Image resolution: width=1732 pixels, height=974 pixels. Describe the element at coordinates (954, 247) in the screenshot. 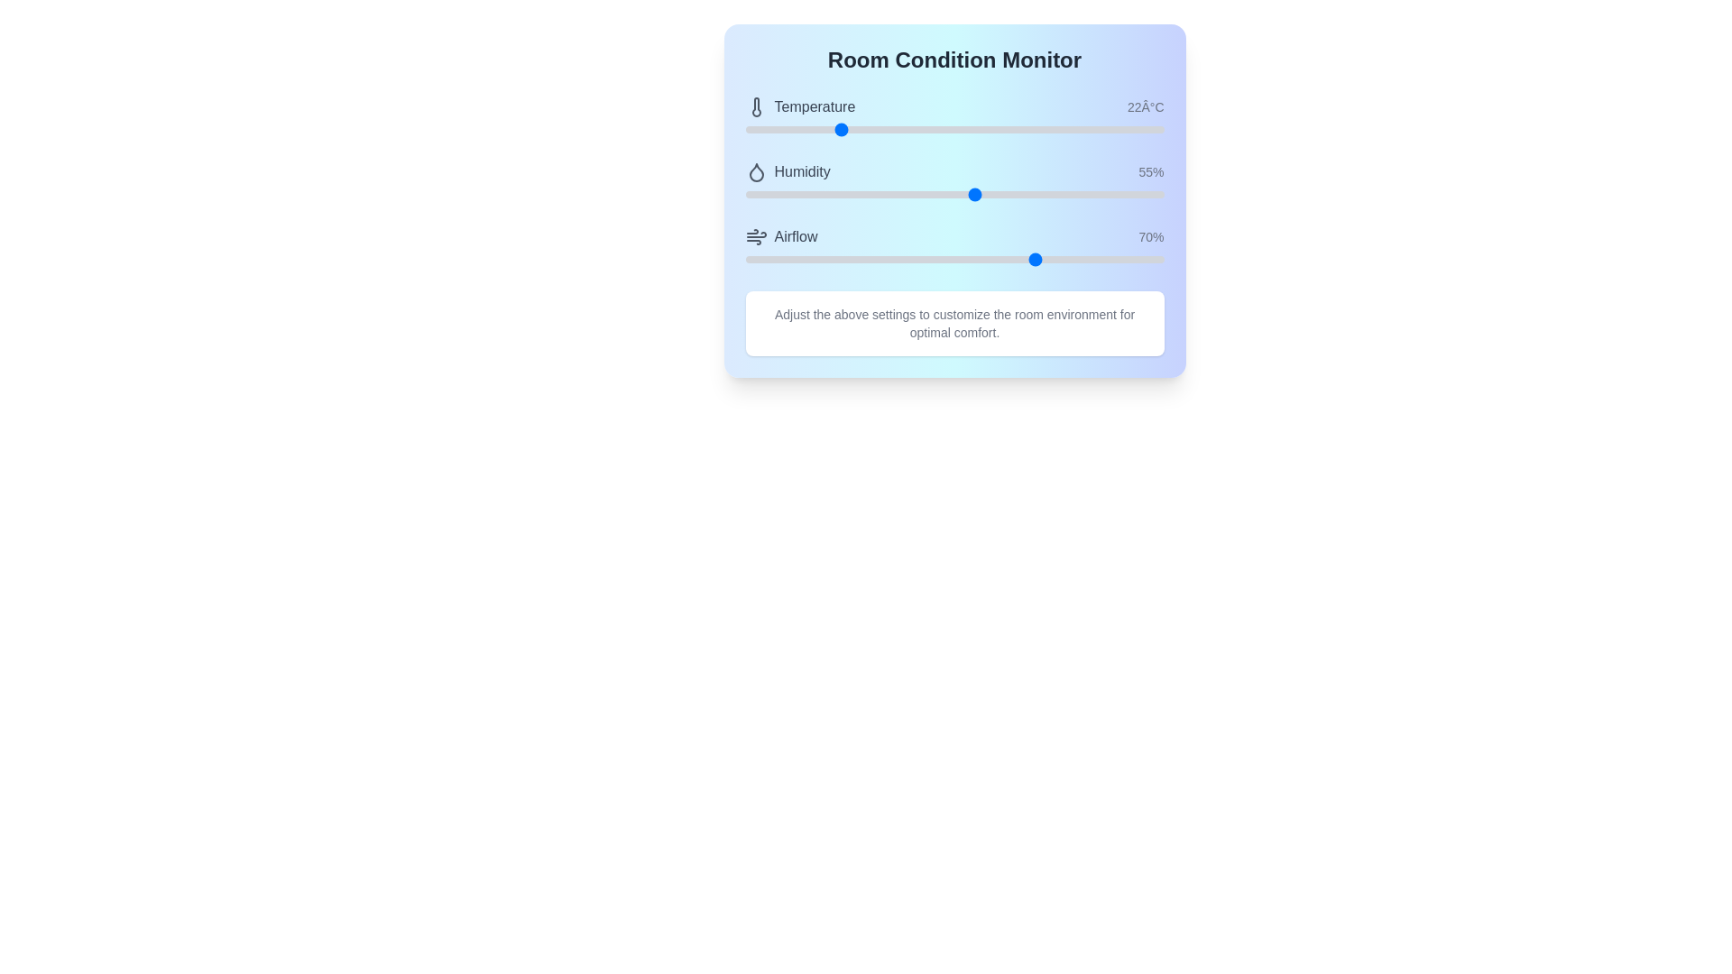

I see `the slider handle of the 'Airflow' component` at that location.